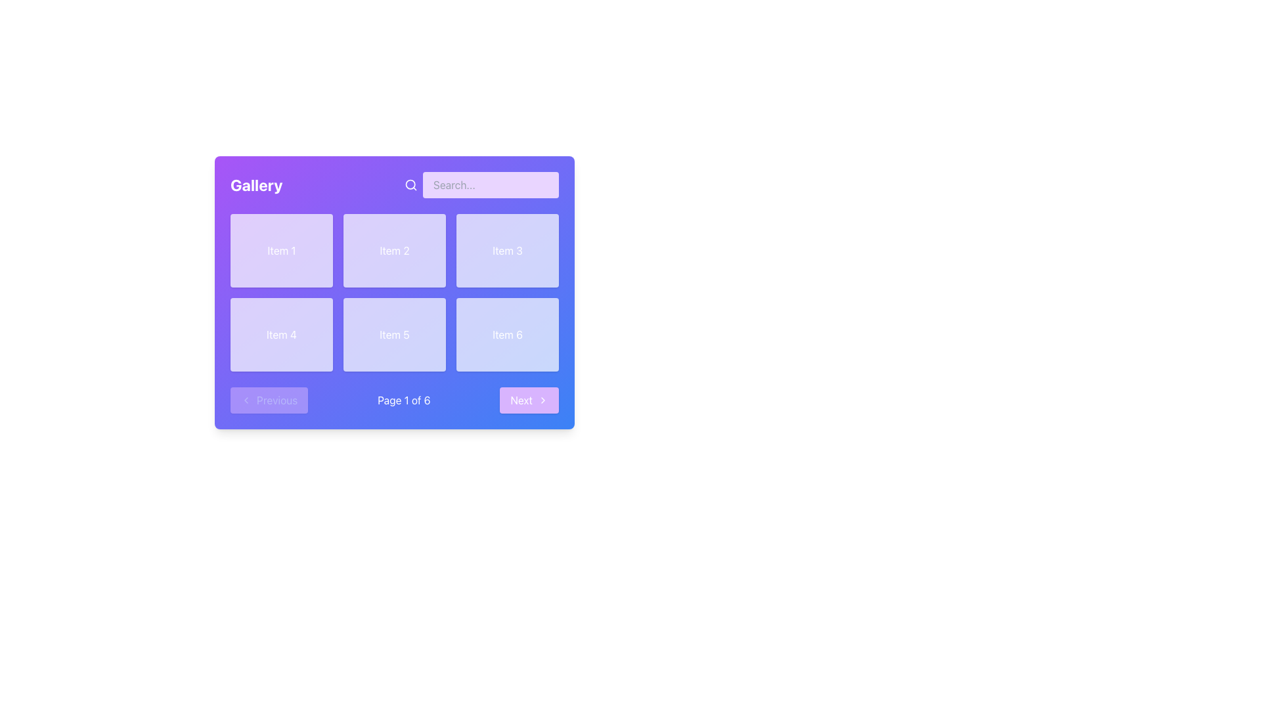 Image resolution: width=1261 pixels, height=709 pixels. What do you see at coordinates (280, 333) in the screenshot?
I see `the 'Item 4' button, which is a rectangular card with rounded corners located in the second row of a 2x3 grid layout` at bounding box center [280, 333].